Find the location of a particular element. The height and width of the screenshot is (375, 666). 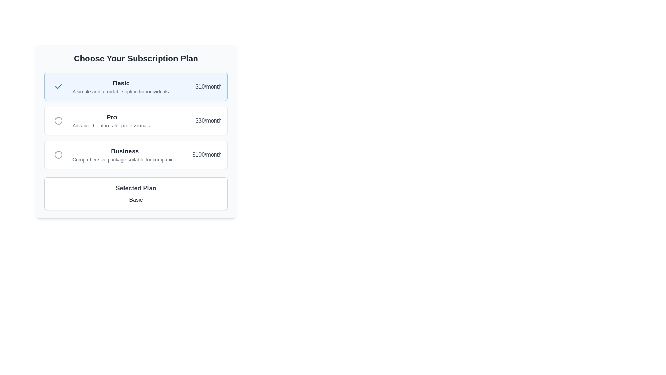

the text label that reads 'Comprehensive package suitable for companies.' positioned below the title 'Business' in the third subscription option is located at coordinates (125, 159).